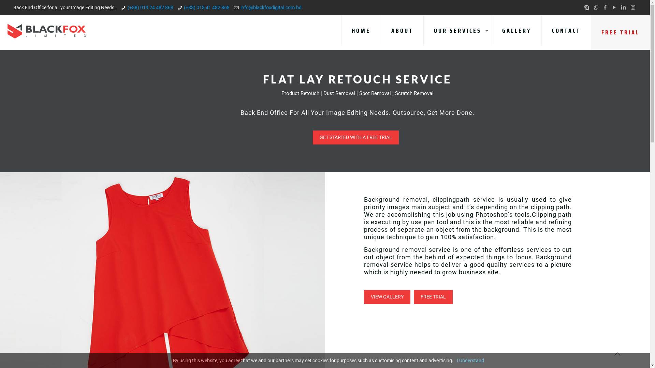  What do you see at coordinates (46, 30) in the screenshot?
I see `'BLACKFOX LIMITED'` at bounding box center [46, 30].